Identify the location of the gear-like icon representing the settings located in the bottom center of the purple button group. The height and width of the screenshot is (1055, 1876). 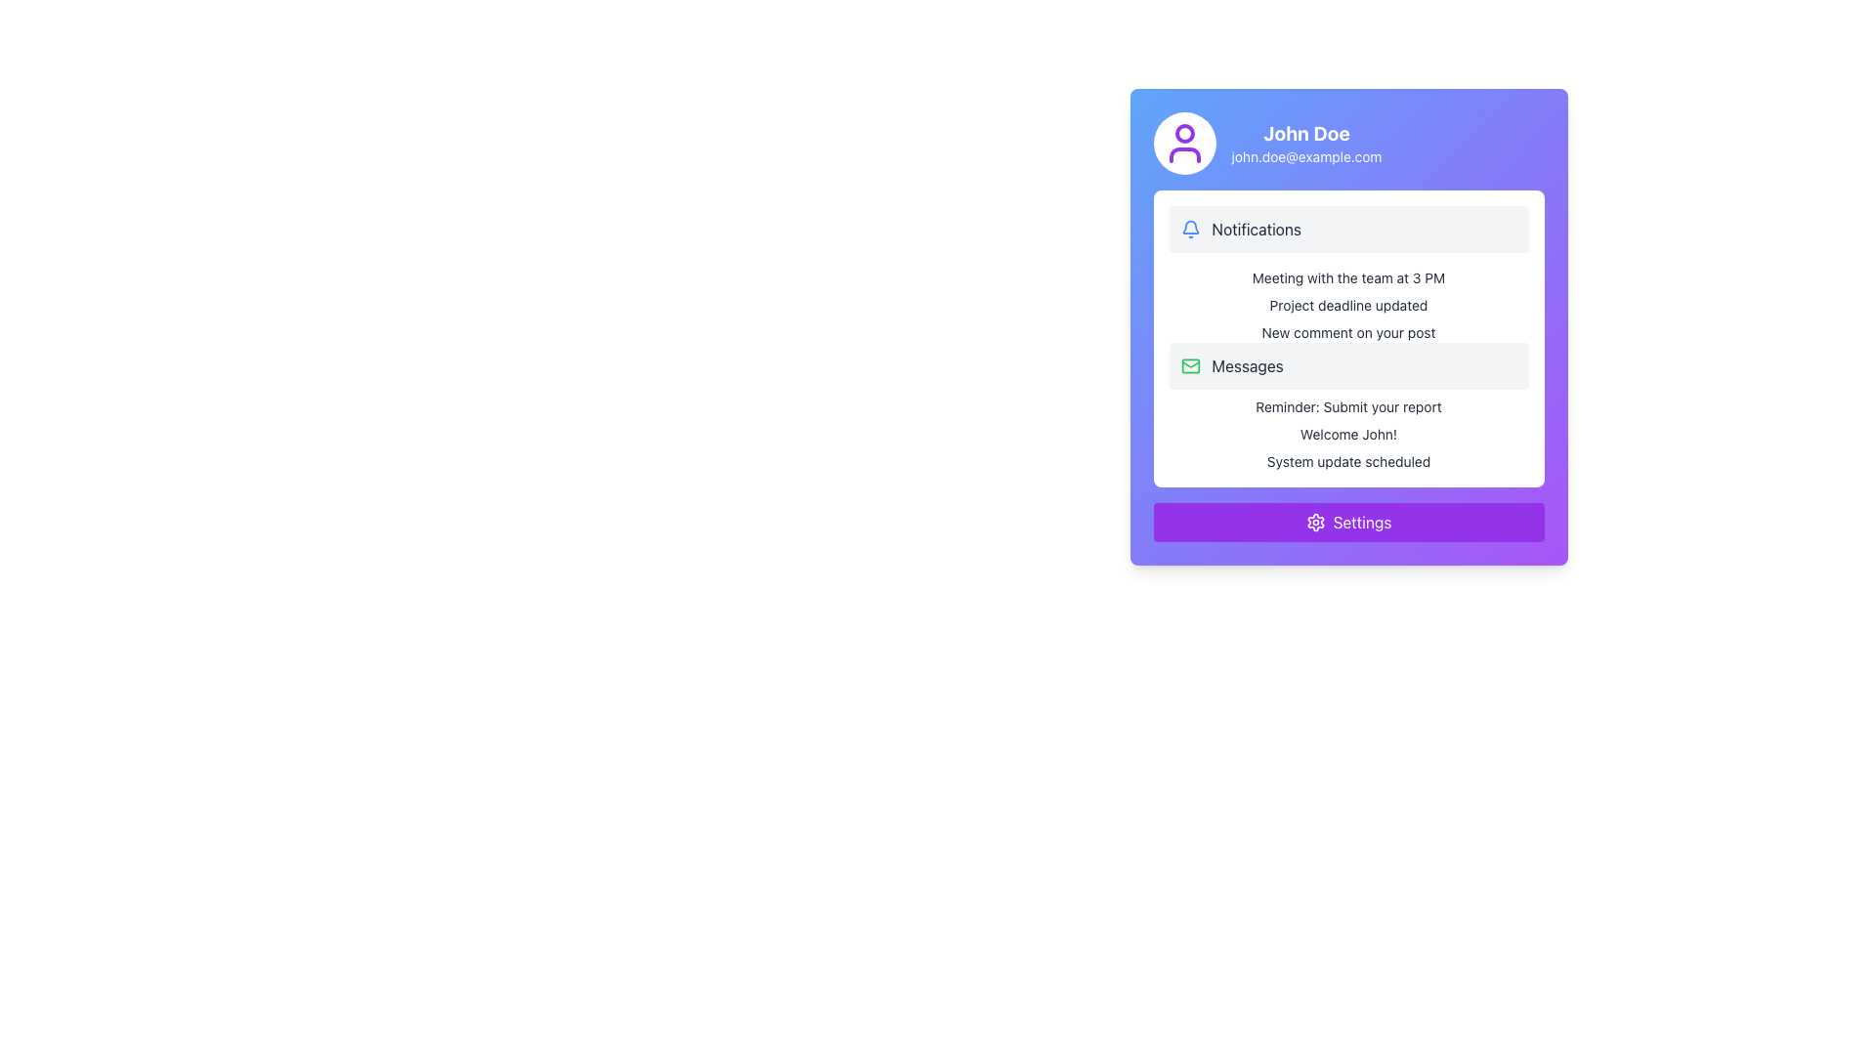
(1315, 522).